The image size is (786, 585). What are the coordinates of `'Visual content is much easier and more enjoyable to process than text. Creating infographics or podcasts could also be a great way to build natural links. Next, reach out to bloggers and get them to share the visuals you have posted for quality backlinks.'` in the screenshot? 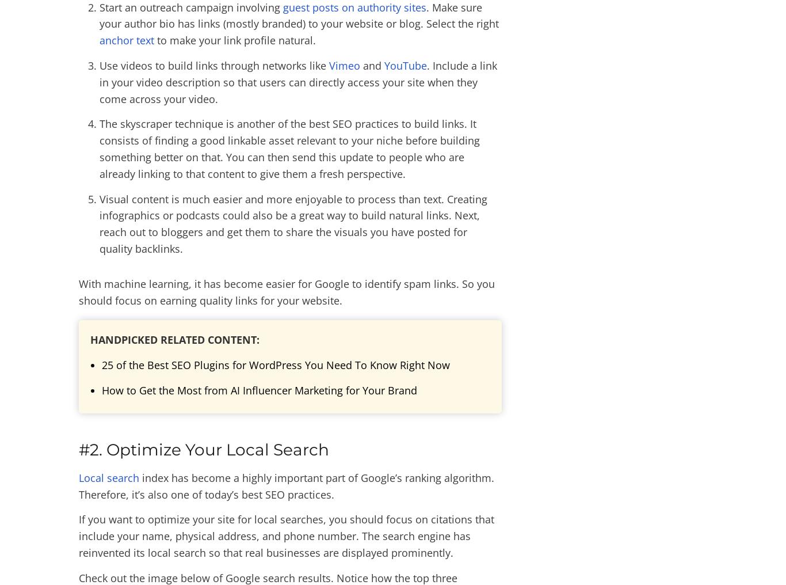 It's located at (293, 223).